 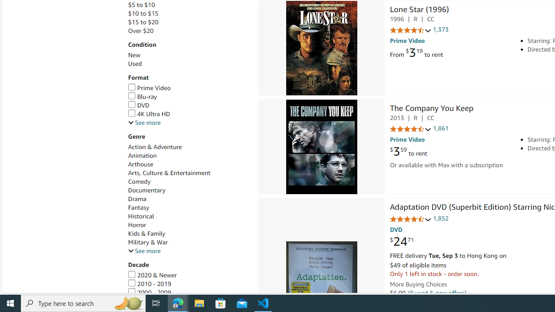 I want to click on '2020 & Newer', so click(x=152, y=275).